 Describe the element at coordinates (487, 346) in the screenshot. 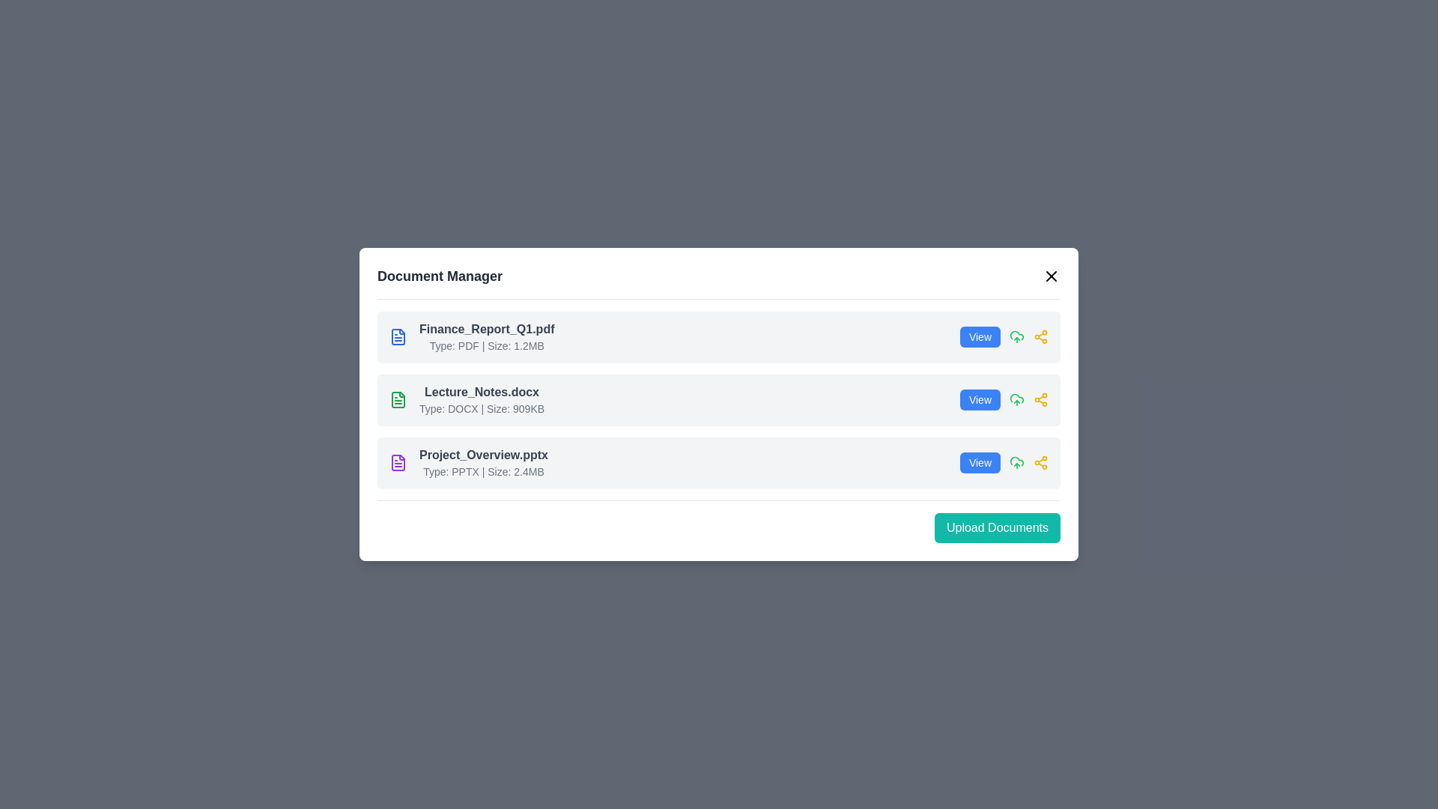

I see `the text label that informs users about the type and size of the file 'Finance_Report_Q1.pdf', located directly beneath the file name in the first row of the file listing interface` at that location.